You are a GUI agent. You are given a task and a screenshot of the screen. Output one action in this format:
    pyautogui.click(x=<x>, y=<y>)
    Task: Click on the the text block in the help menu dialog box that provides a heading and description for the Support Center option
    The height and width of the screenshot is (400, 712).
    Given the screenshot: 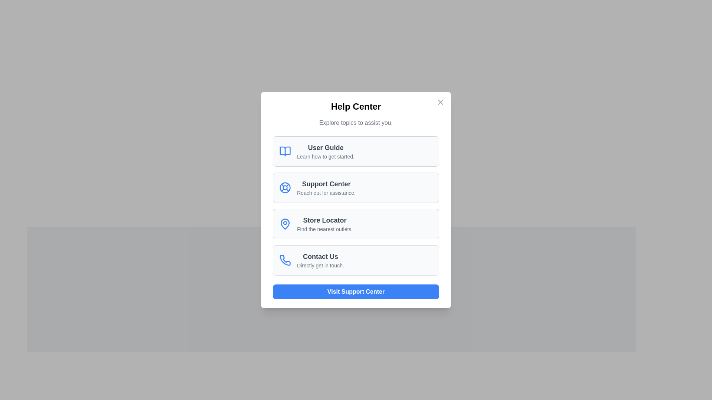 What is the action you would take?
    pyautogui.click(x=326, y=187)
    